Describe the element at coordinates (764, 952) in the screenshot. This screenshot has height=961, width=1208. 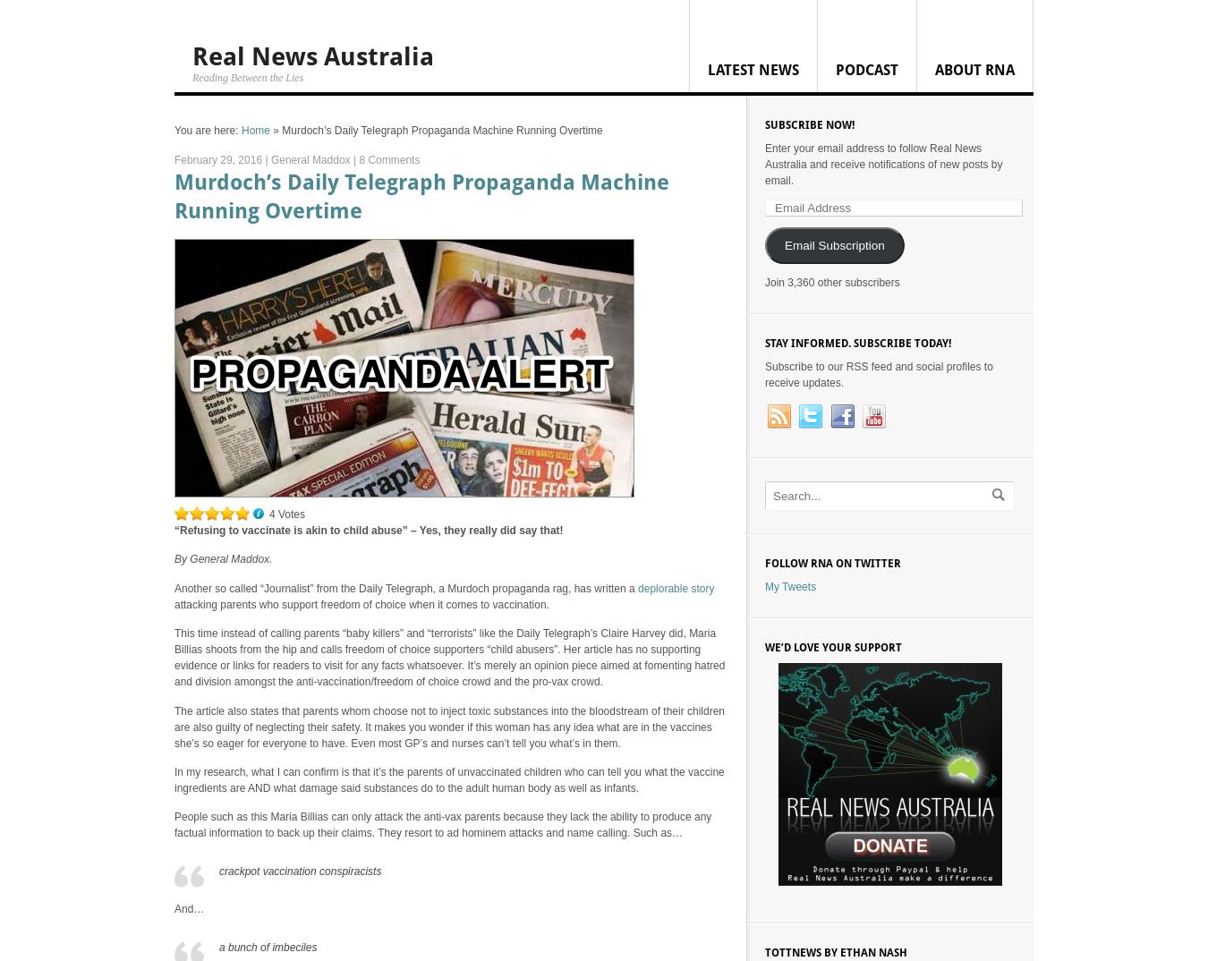
I see `'TOTTnews by Ethan Nash'` at that location.